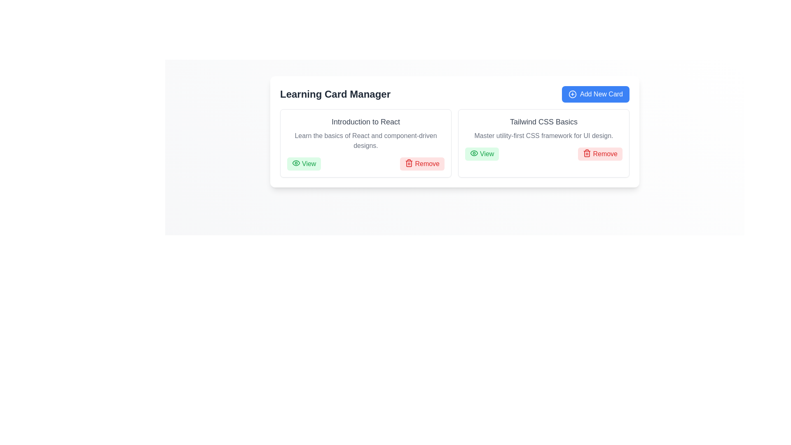 Image resolution: width=791 pixels, height=445 pixels. Describe the element at coordinates (544, 136) in the screenshot. I see `the informational text displaying 'Master utility-first CSS framework for UI design.' located beneath the title 'Tailwind CSS Basics' and above the buttons 'View' and 'Remove'` at that location.